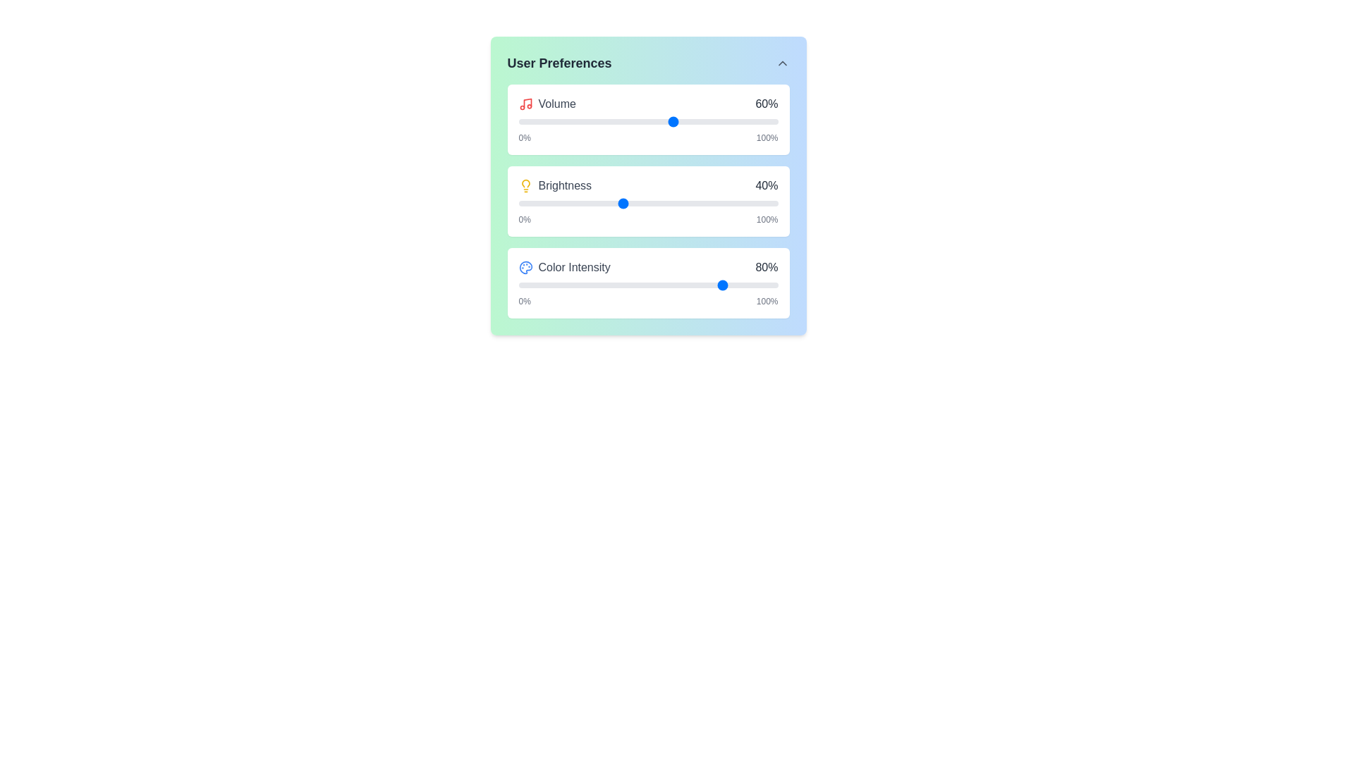  Describe the element at coordinates (617, 121) in the screenshot. I see `the volume` at that location.